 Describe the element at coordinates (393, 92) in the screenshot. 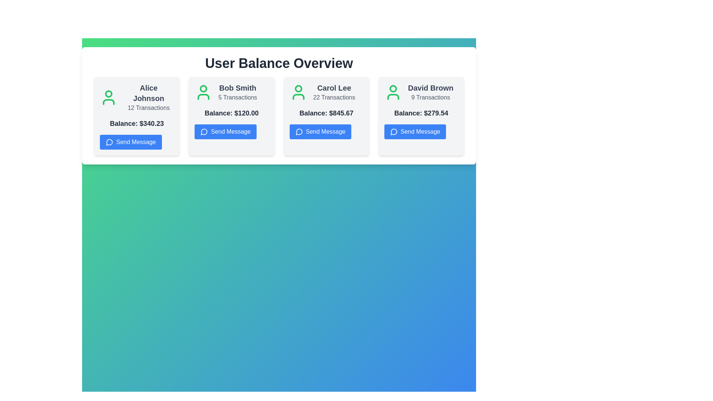

I see `the user avatar icon, which is a green outlined generic human figure located at the top-left corner of the 'David Brown' card` at that location.